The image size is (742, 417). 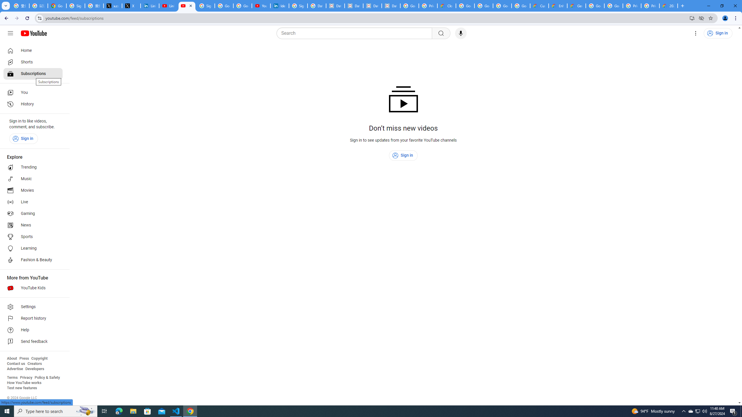 What do you see at coordinates (33, 73) in the screenshot?
I see `'Subscriptions'` at bounding box center [33, 73].